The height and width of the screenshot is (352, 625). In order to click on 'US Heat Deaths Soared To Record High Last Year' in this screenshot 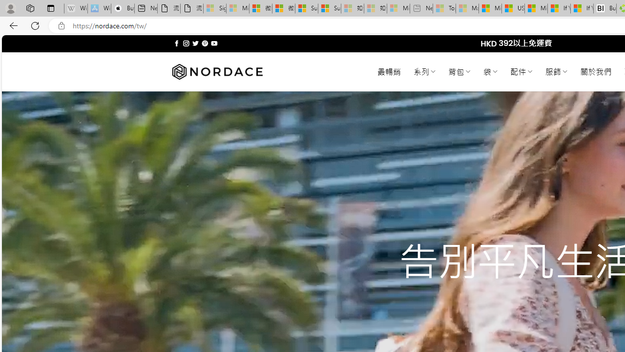, I will do `click(512, 8)`.